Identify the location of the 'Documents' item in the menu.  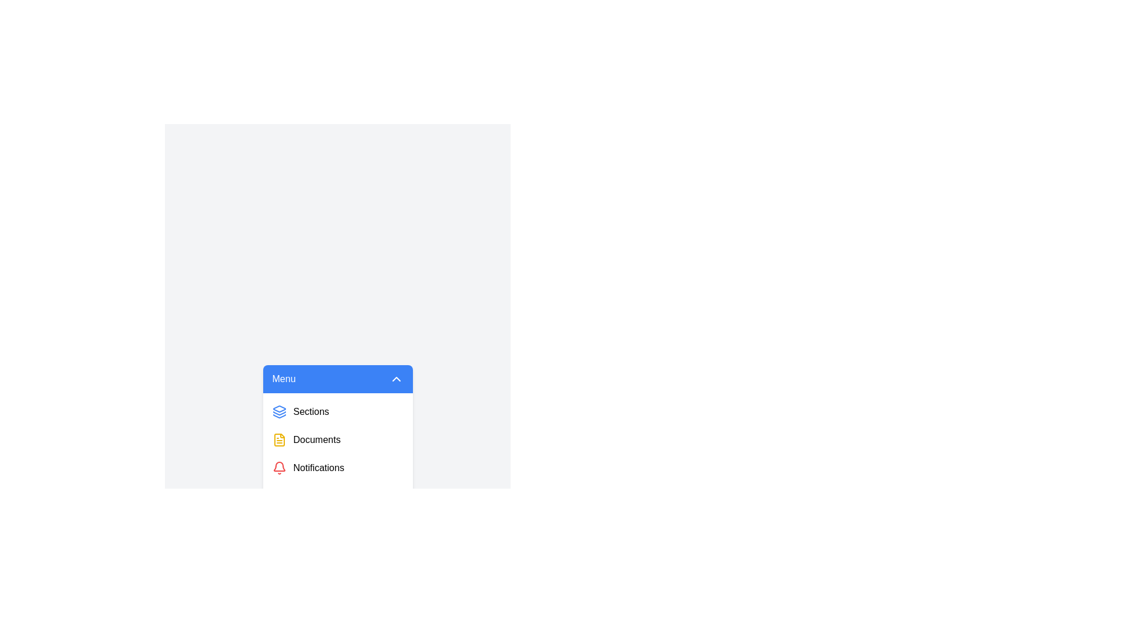
(337, 440).